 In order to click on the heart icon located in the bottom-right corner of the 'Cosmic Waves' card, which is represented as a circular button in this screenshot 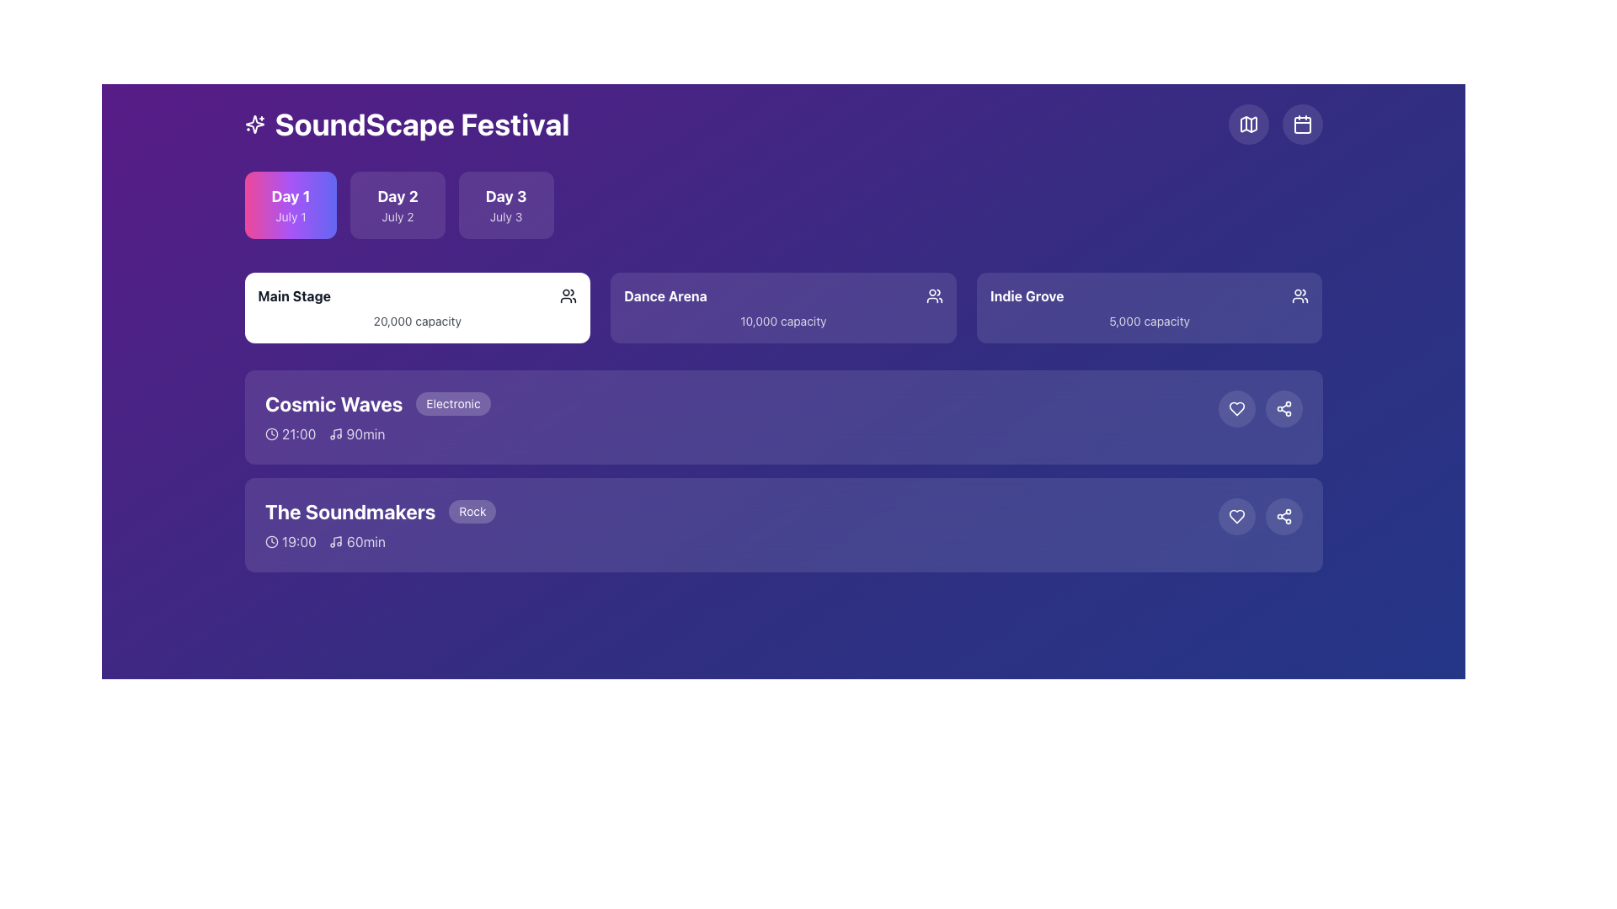, I will do `click(1236, 515)`.